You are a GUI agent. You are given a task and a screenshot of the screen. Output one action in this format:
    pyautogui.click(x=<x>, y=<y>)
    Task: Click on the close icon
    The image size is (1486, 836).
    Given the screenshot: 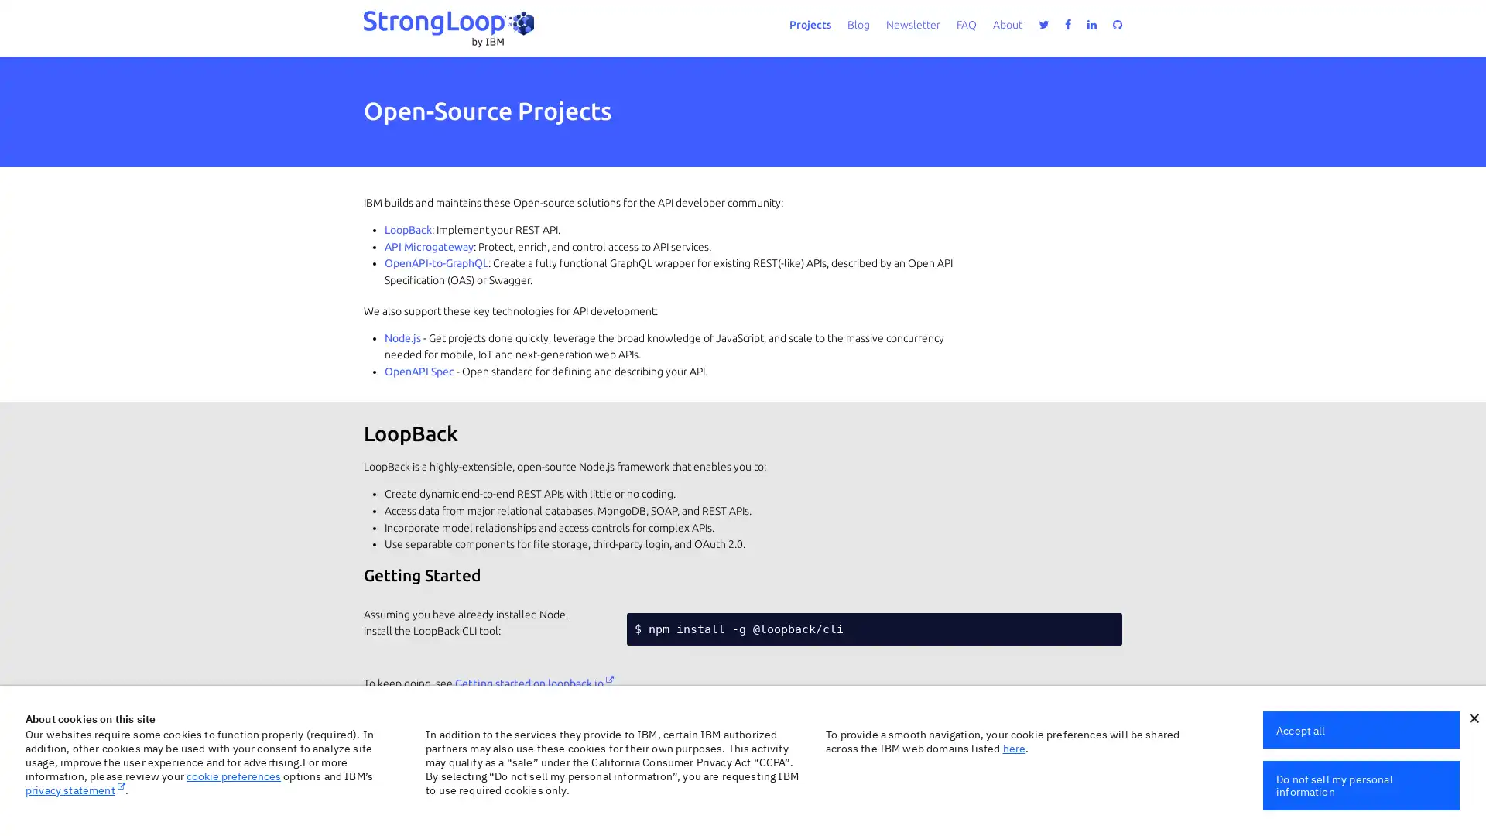 What is the action you would take?
    pyautogui.click(x=1474, y=718)
    